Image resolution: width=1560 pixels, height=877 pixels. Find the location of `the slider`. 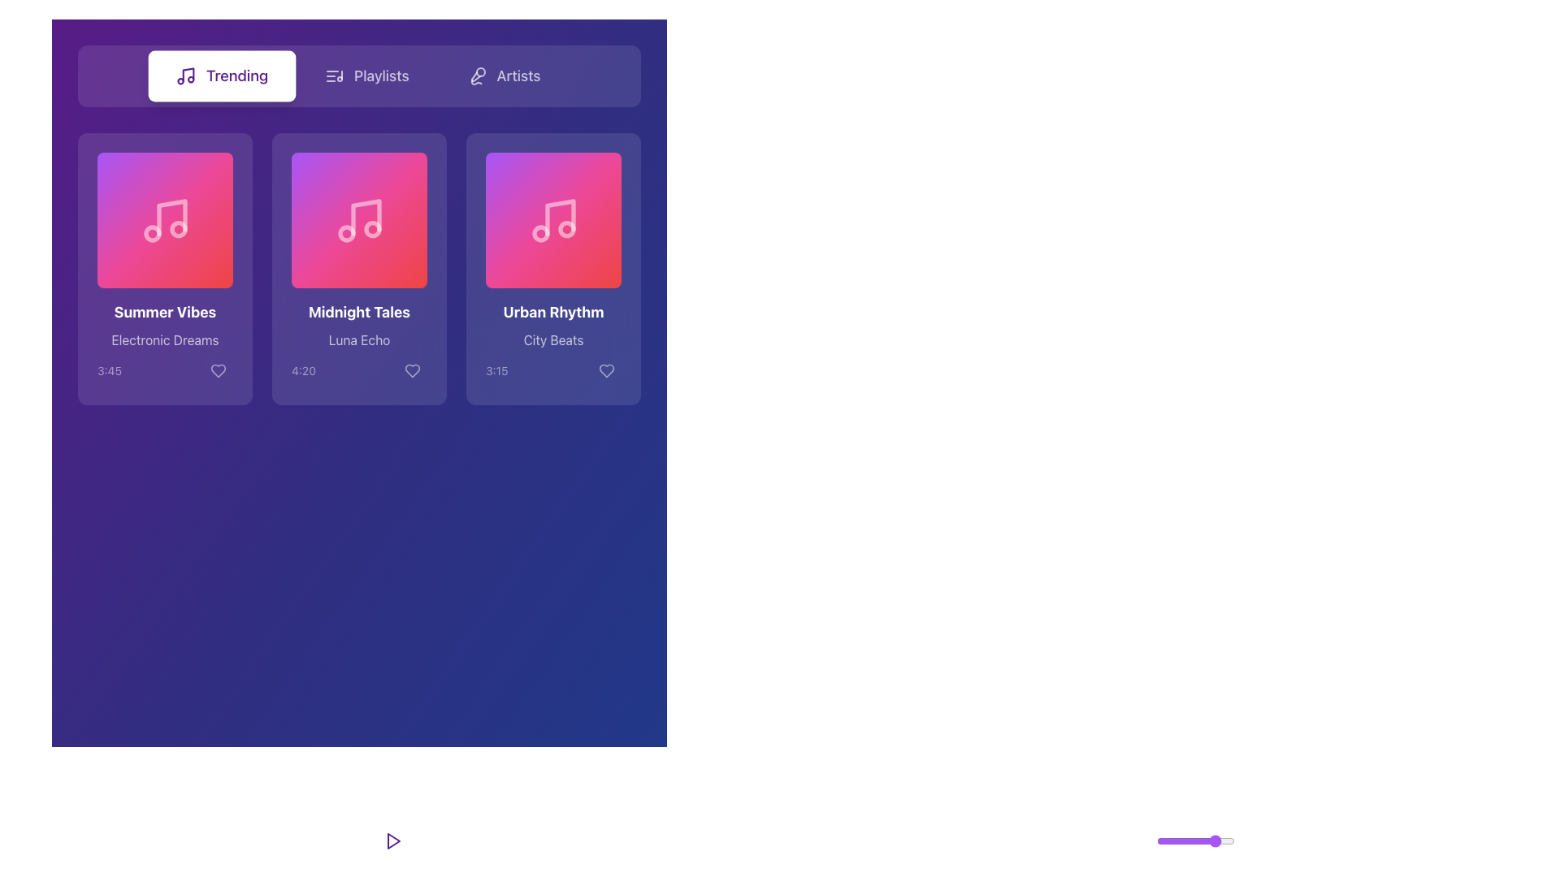

the slider is located at coordinates (1213, 840).